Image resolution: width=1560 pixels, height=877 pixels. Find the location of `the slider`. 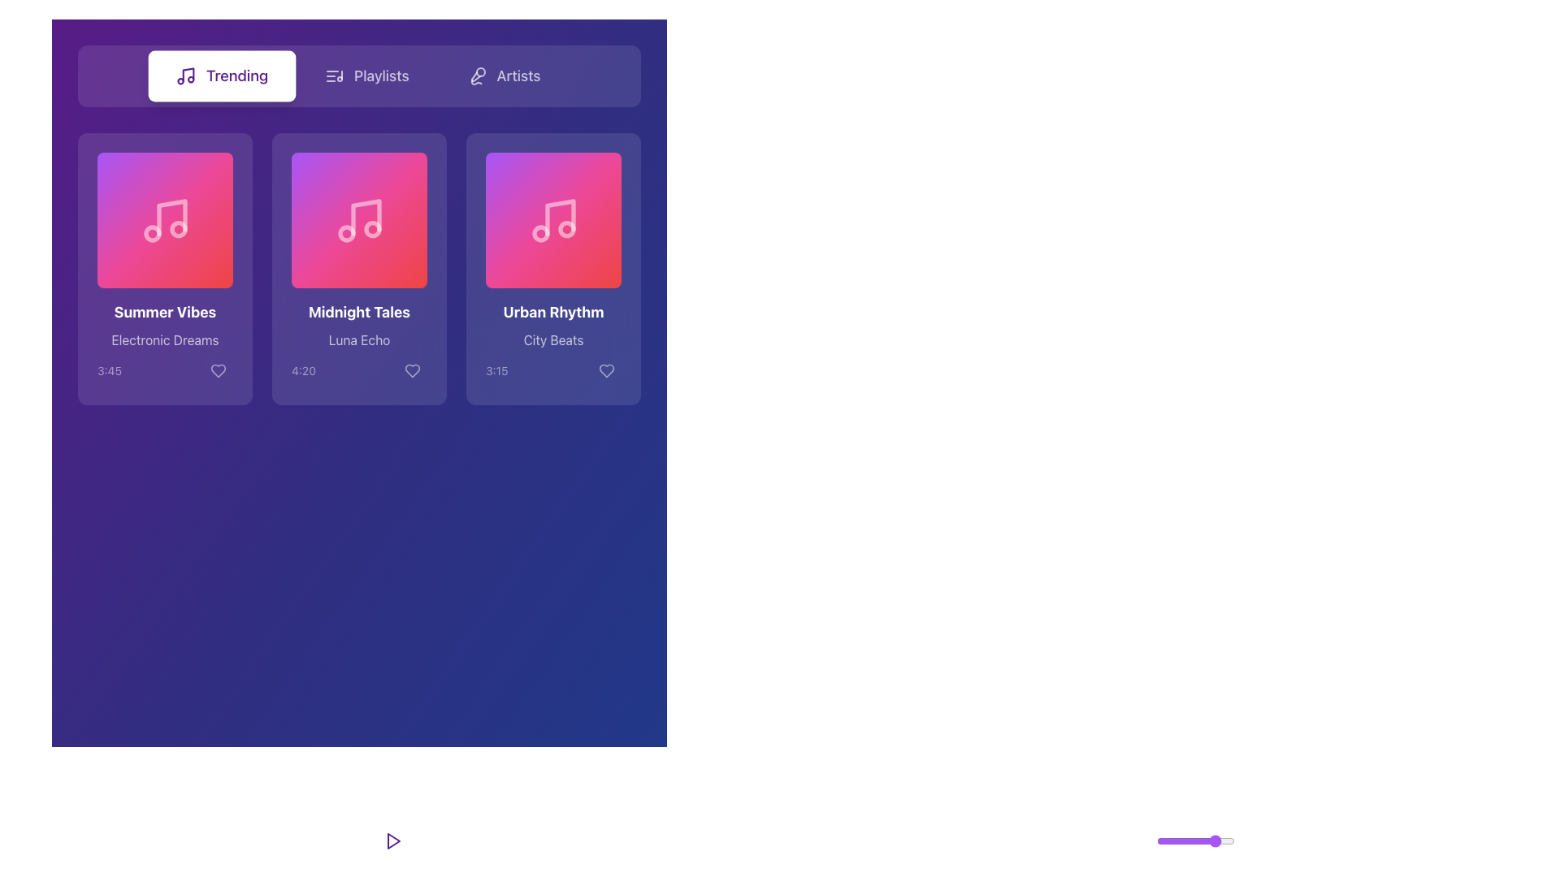

the slider is located at coordinates (1213, 840).